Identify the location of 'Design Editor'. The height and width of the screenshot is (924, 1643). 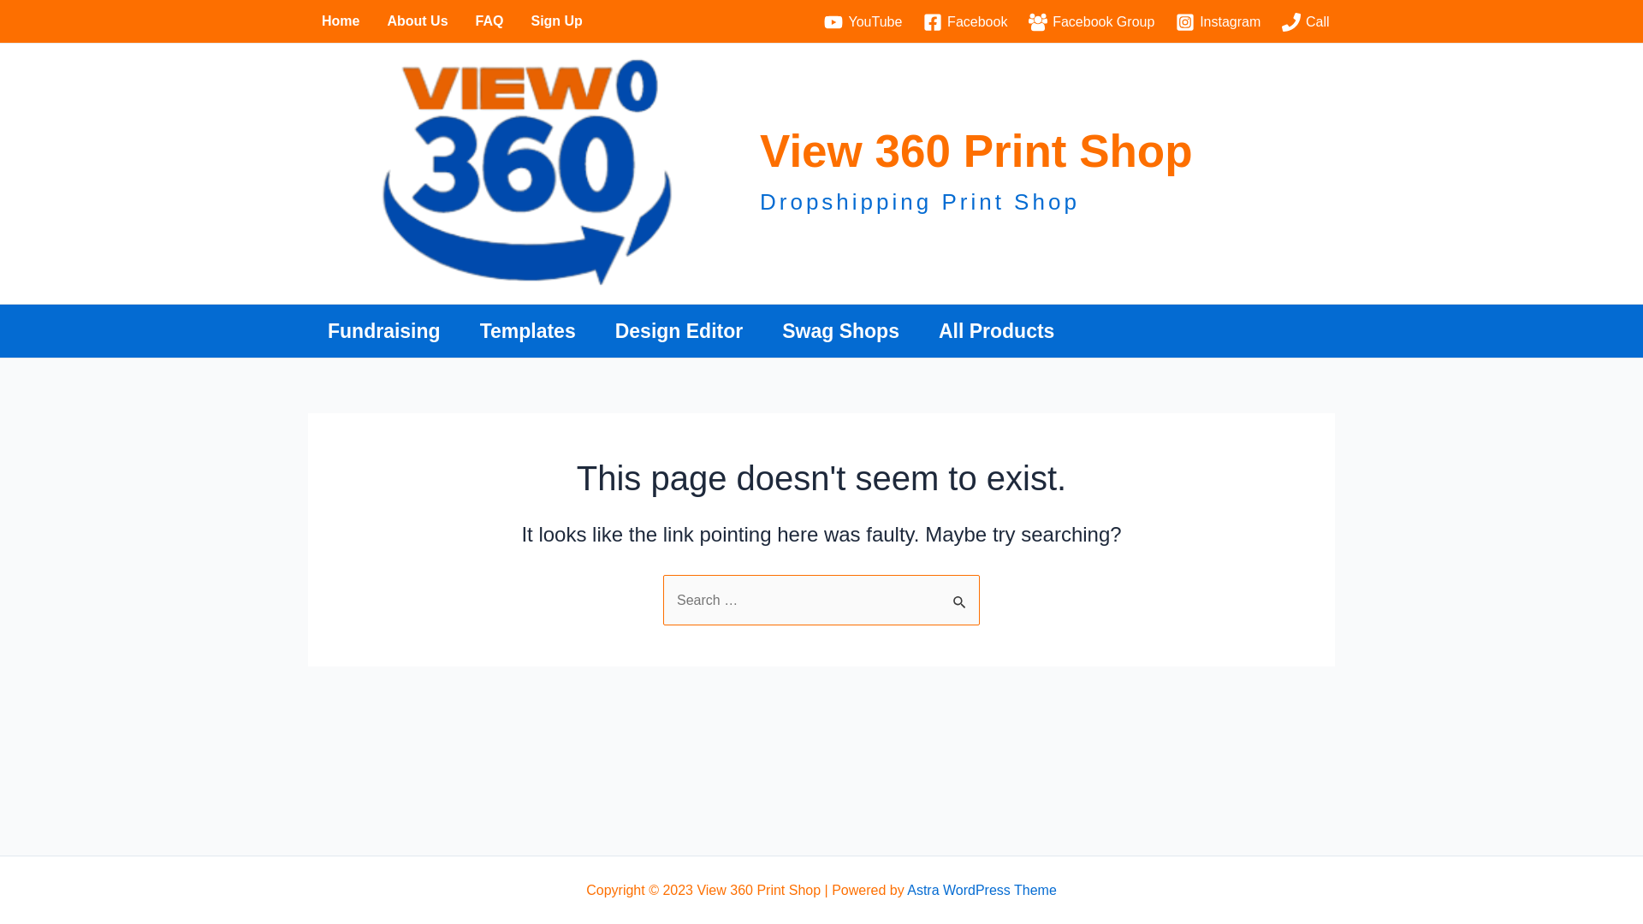
(596, 330).